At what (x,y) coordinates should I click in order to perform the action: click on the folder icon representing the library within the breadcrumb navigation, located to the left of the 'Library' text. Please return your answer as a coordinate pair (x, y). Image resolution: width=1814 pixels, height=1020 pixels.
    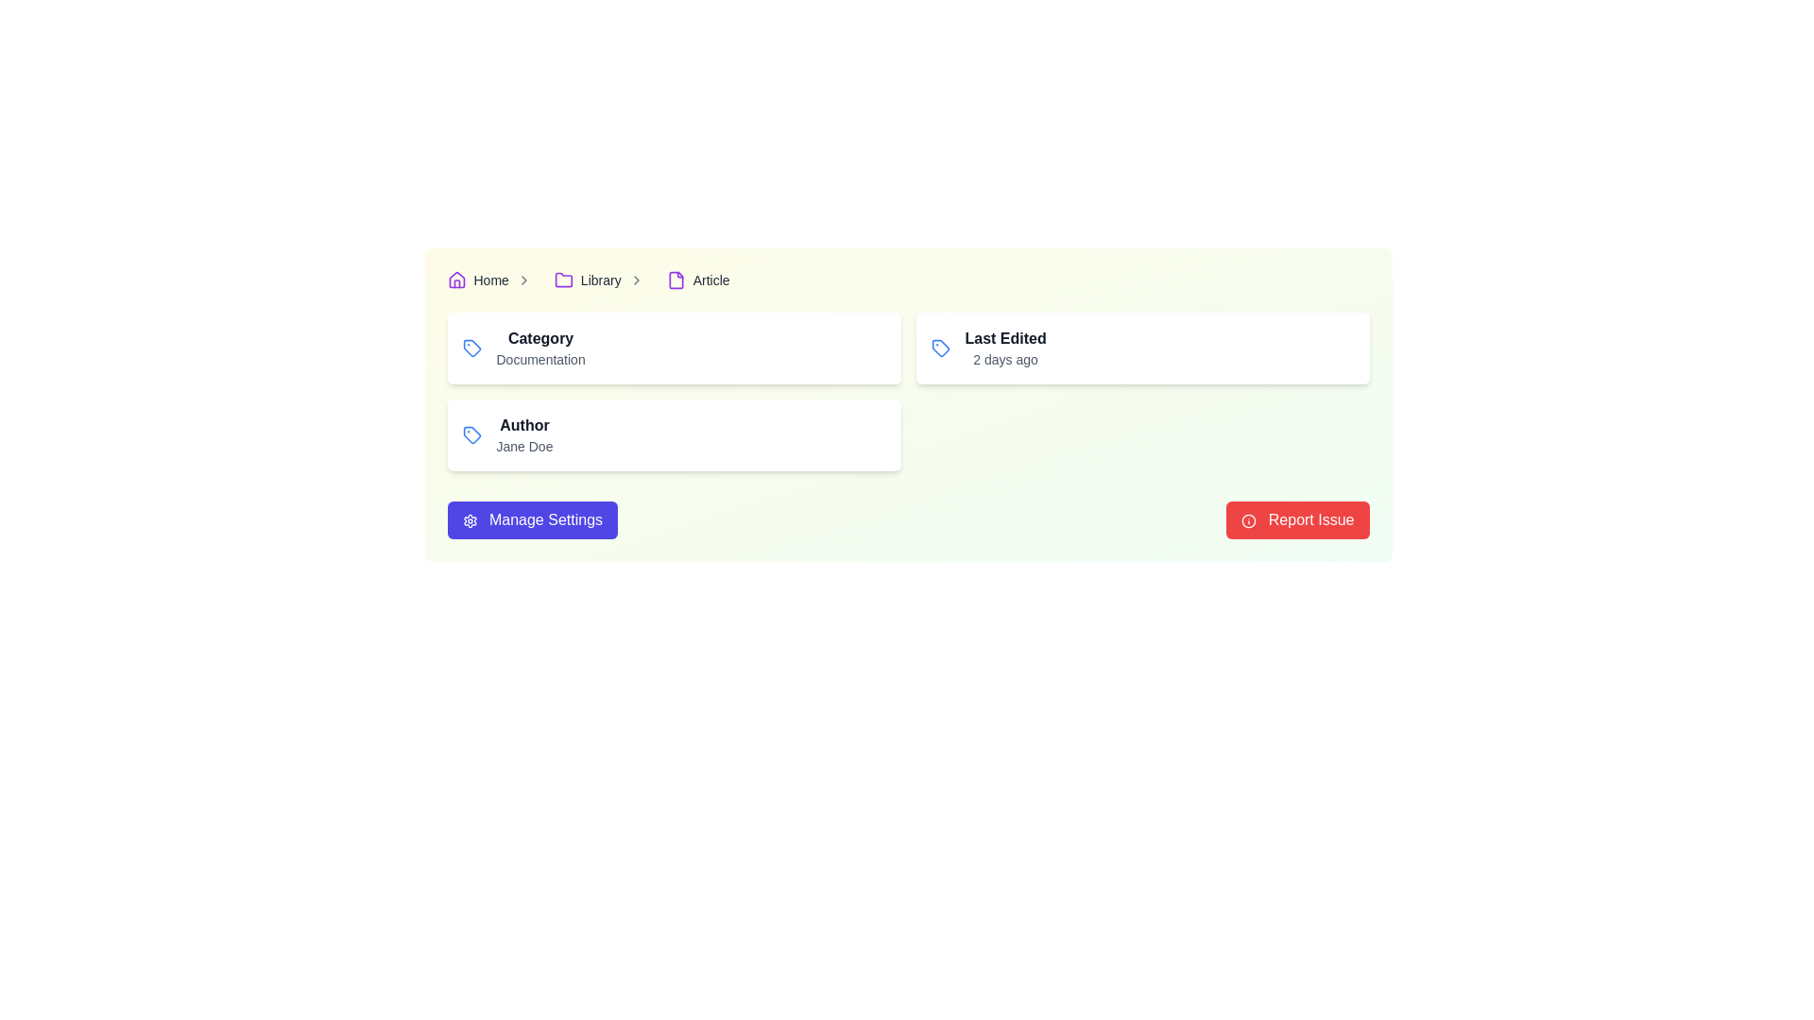
    Looking at the image, I should click on (562, 280).